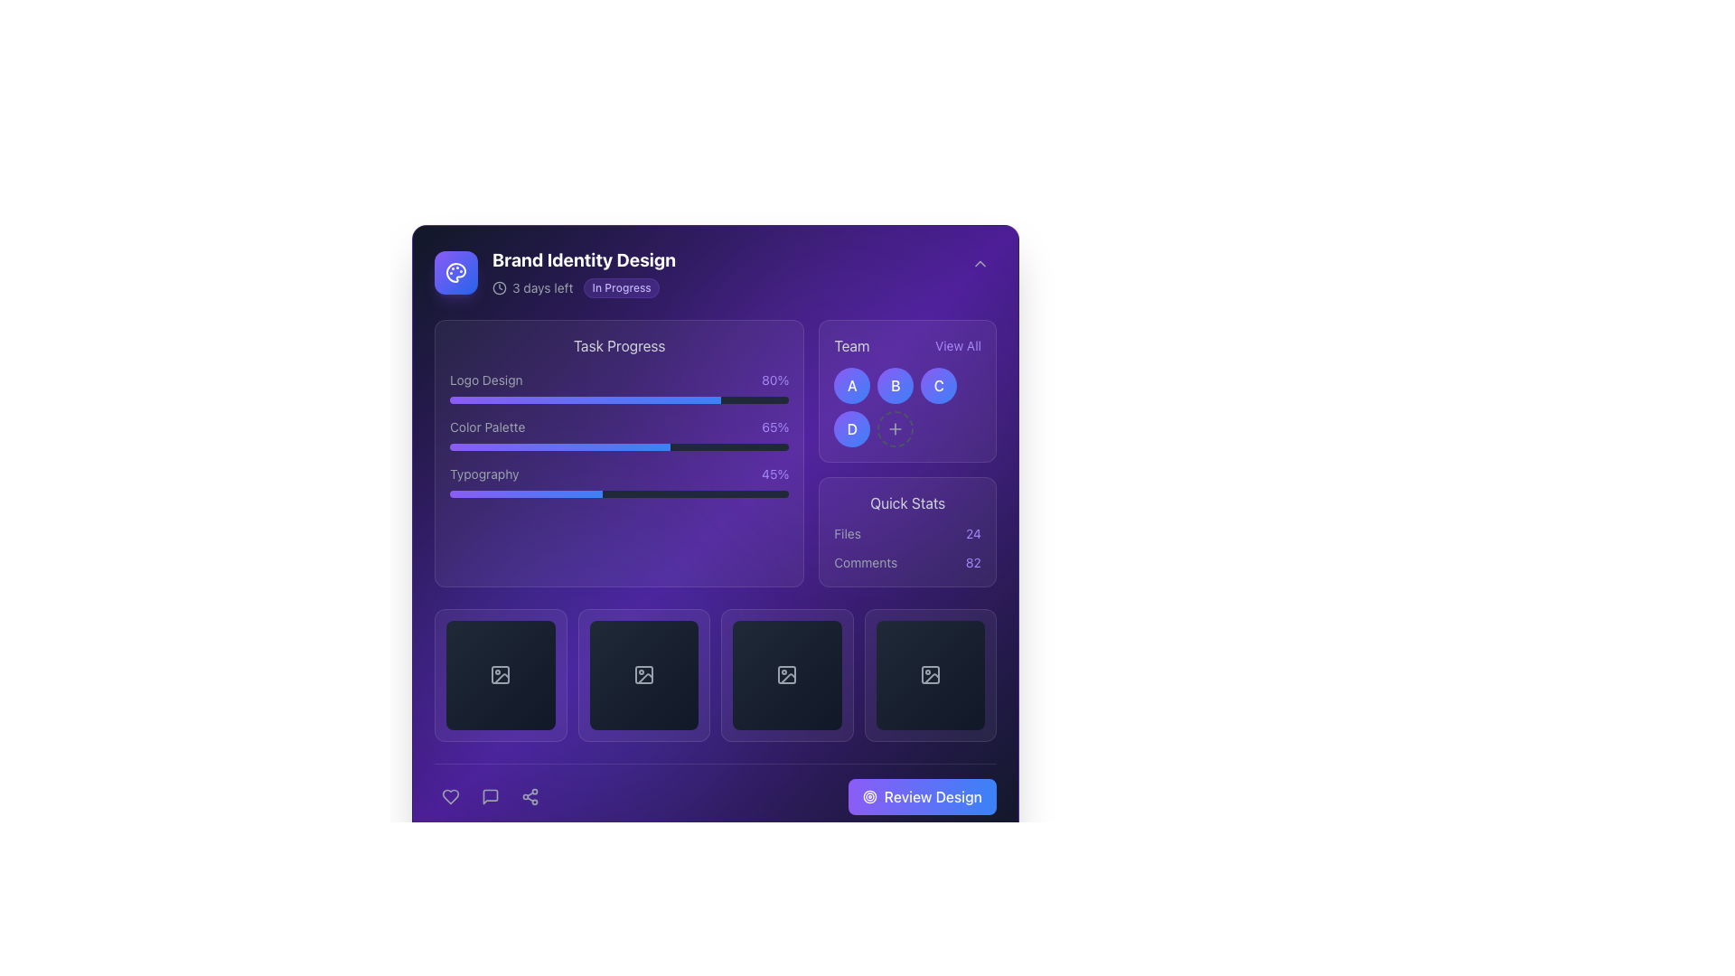  Describe the element at coordinates (486, 379) in the screenshot. I see `the text label displaying 'Logo Design' in light gray on a dark purple background, located near the progress bar in the 'Task Progress' box` at that location.